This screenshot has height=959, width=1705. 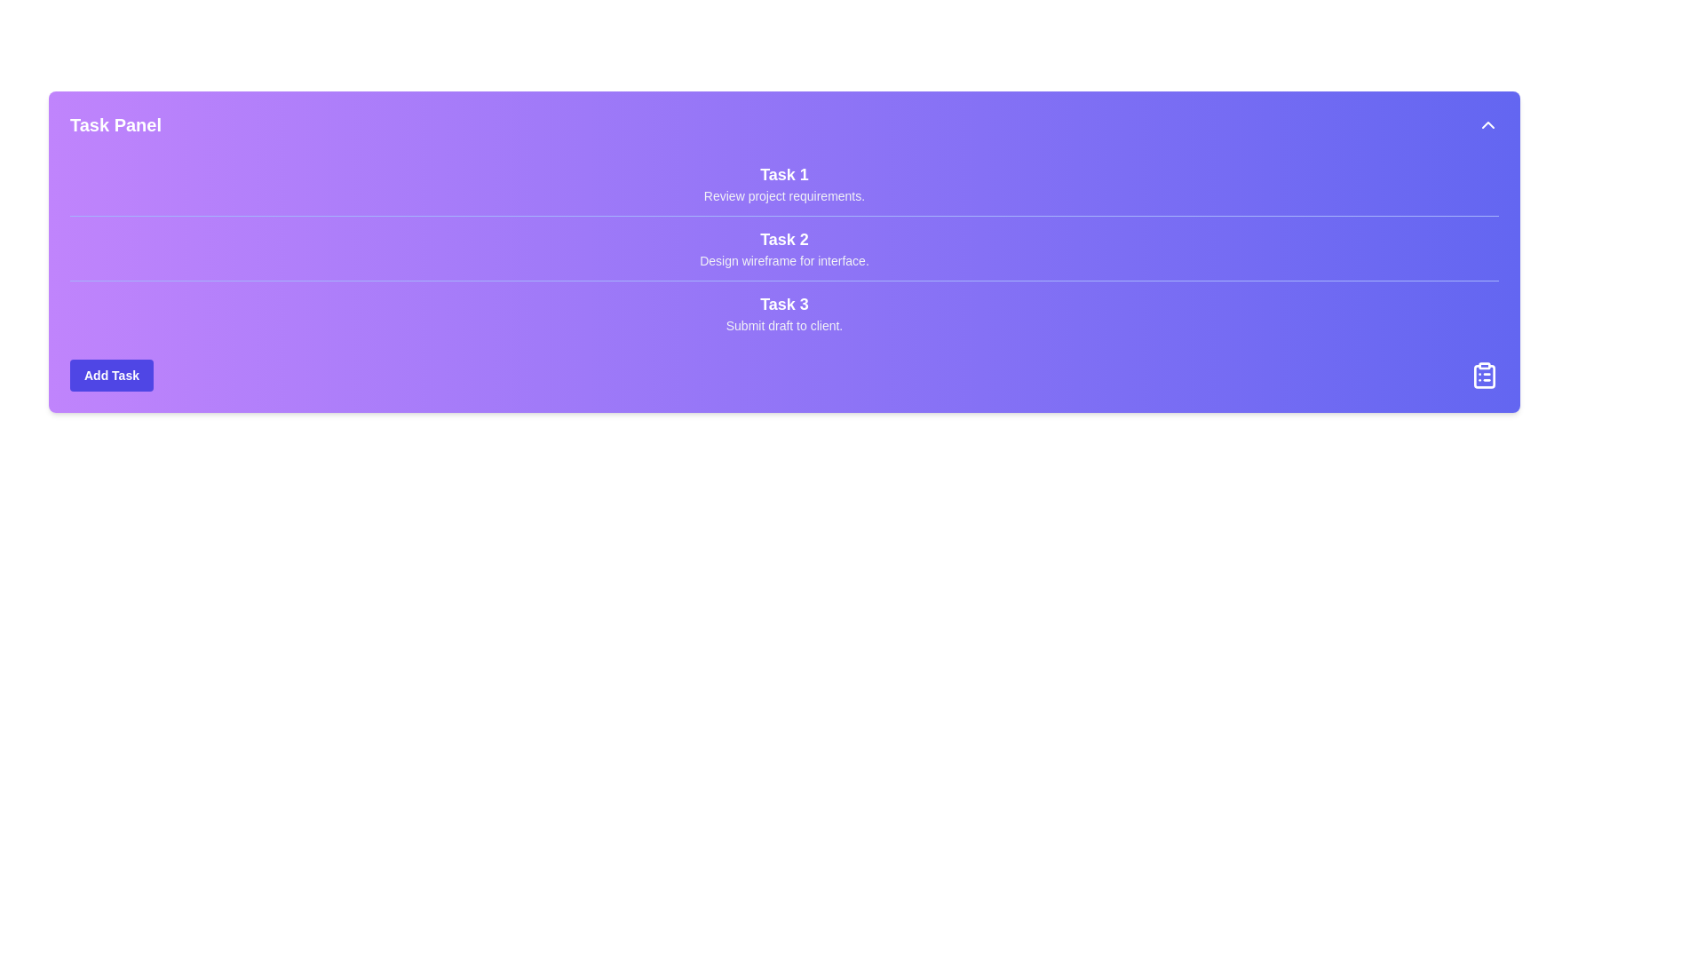 I want to click on the text label that serves as the header for 'Task 3', so click(x=783, y=304).